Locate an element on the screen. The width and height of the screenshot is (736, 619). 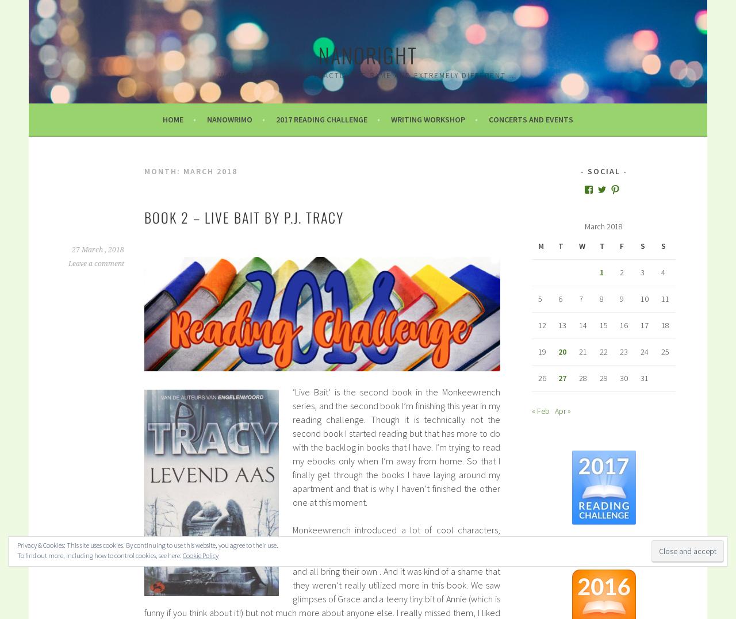
'14' is located at coordinates (582, 325).